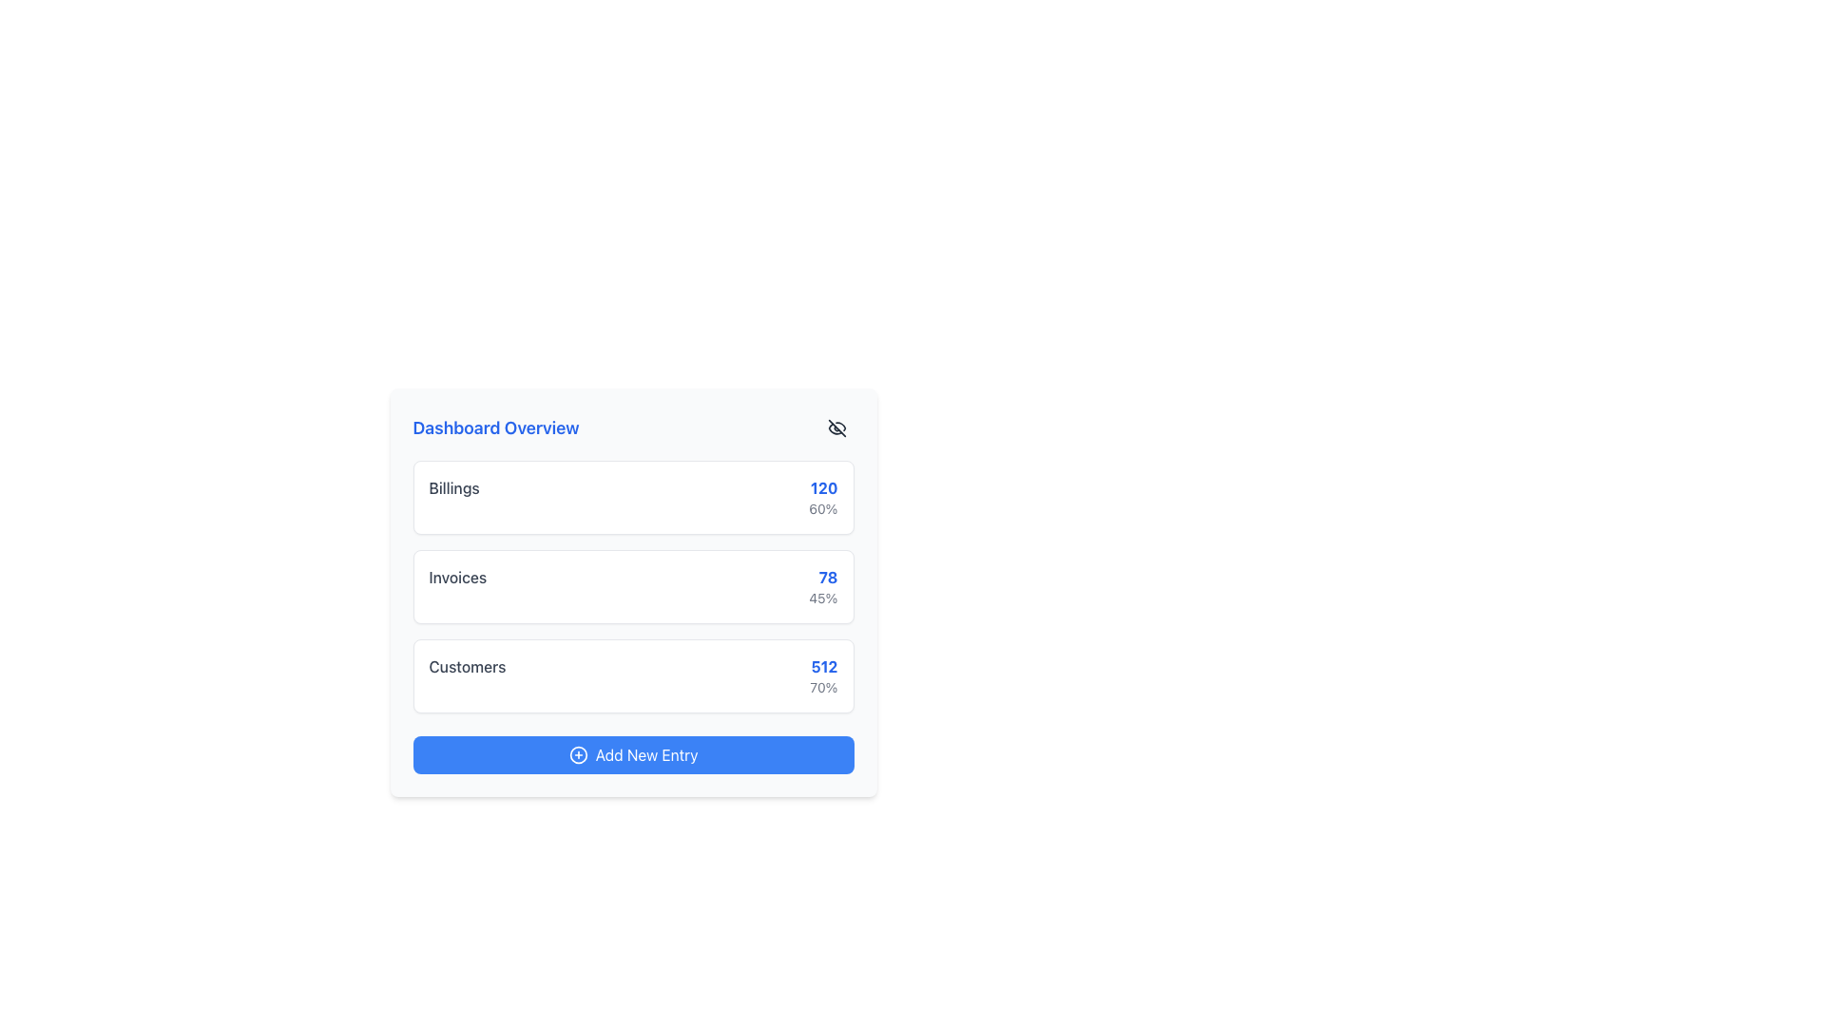 The height and width of the screenshot is (1026, 1825). What do you see at coordinates (633, 675) in the screenshot?
I see `the 'Customers' summary card, which displays the number '512' and the percentage '70%'. This card is the third in a vertical stack of cards on the dashboard` at bounding box center [633, 675].